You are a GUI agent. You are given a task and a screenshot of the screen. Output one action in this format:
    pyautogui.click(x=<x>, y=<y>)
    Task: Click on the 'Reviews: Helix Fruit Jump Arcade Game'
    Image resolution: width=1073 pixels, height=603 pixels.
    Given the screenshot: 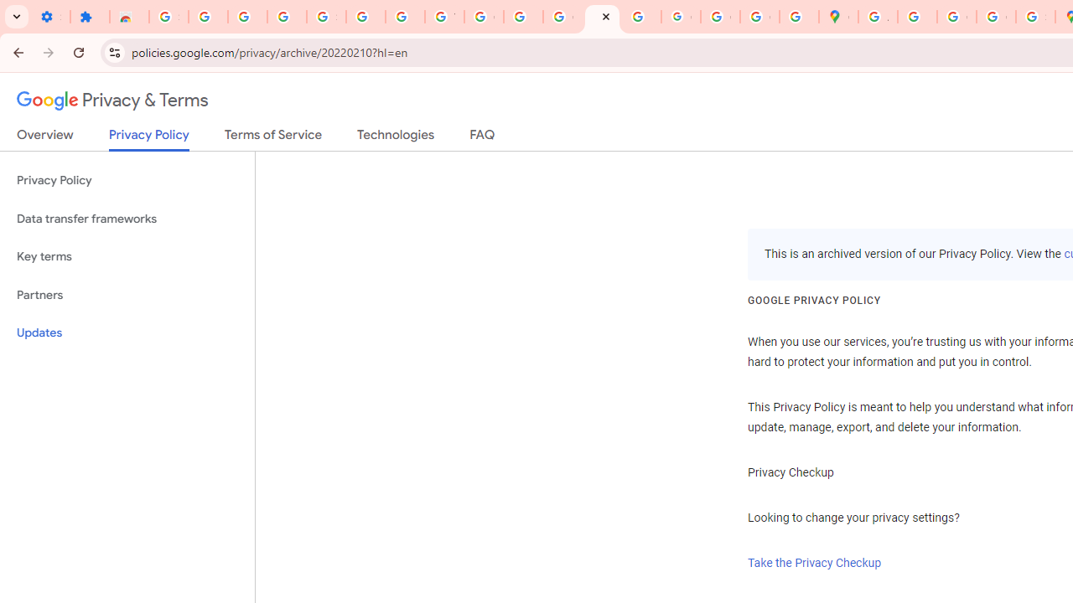 What is the action you would take?
    pyautogui.click(x=128, y=17)
    